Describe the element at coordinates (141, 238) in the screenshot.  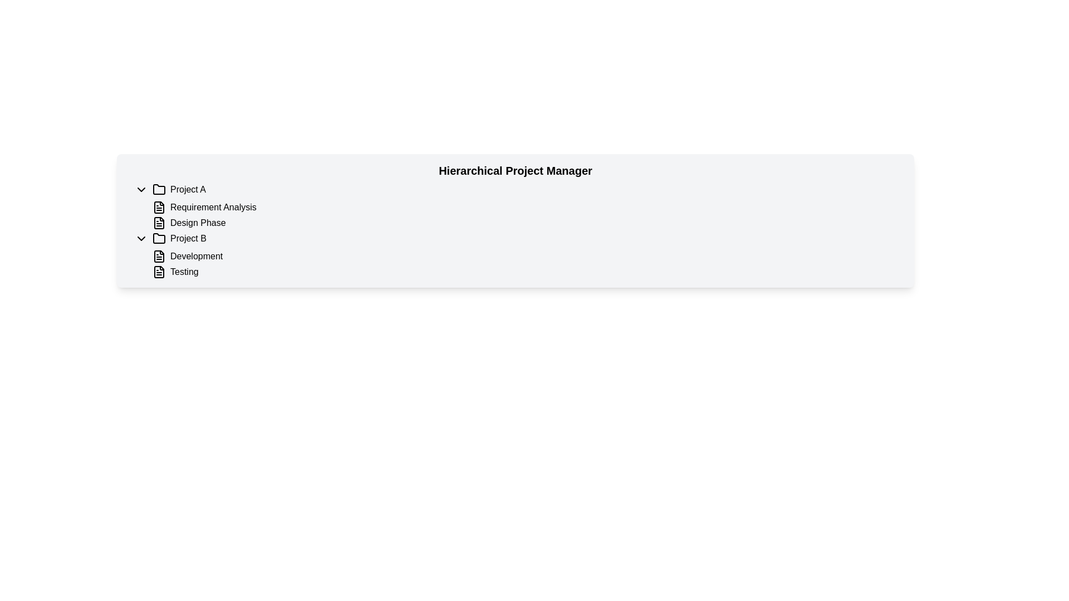
I see `the downward-pointing chevron icon located to the left of the text 'Project B'` at that location.